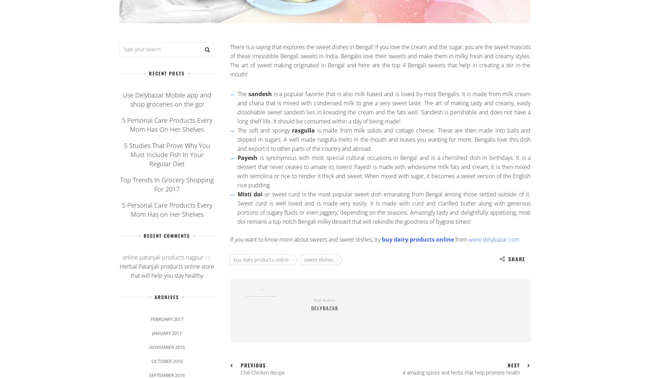  I want to click on 'Recent Comments', so click(167, 235).